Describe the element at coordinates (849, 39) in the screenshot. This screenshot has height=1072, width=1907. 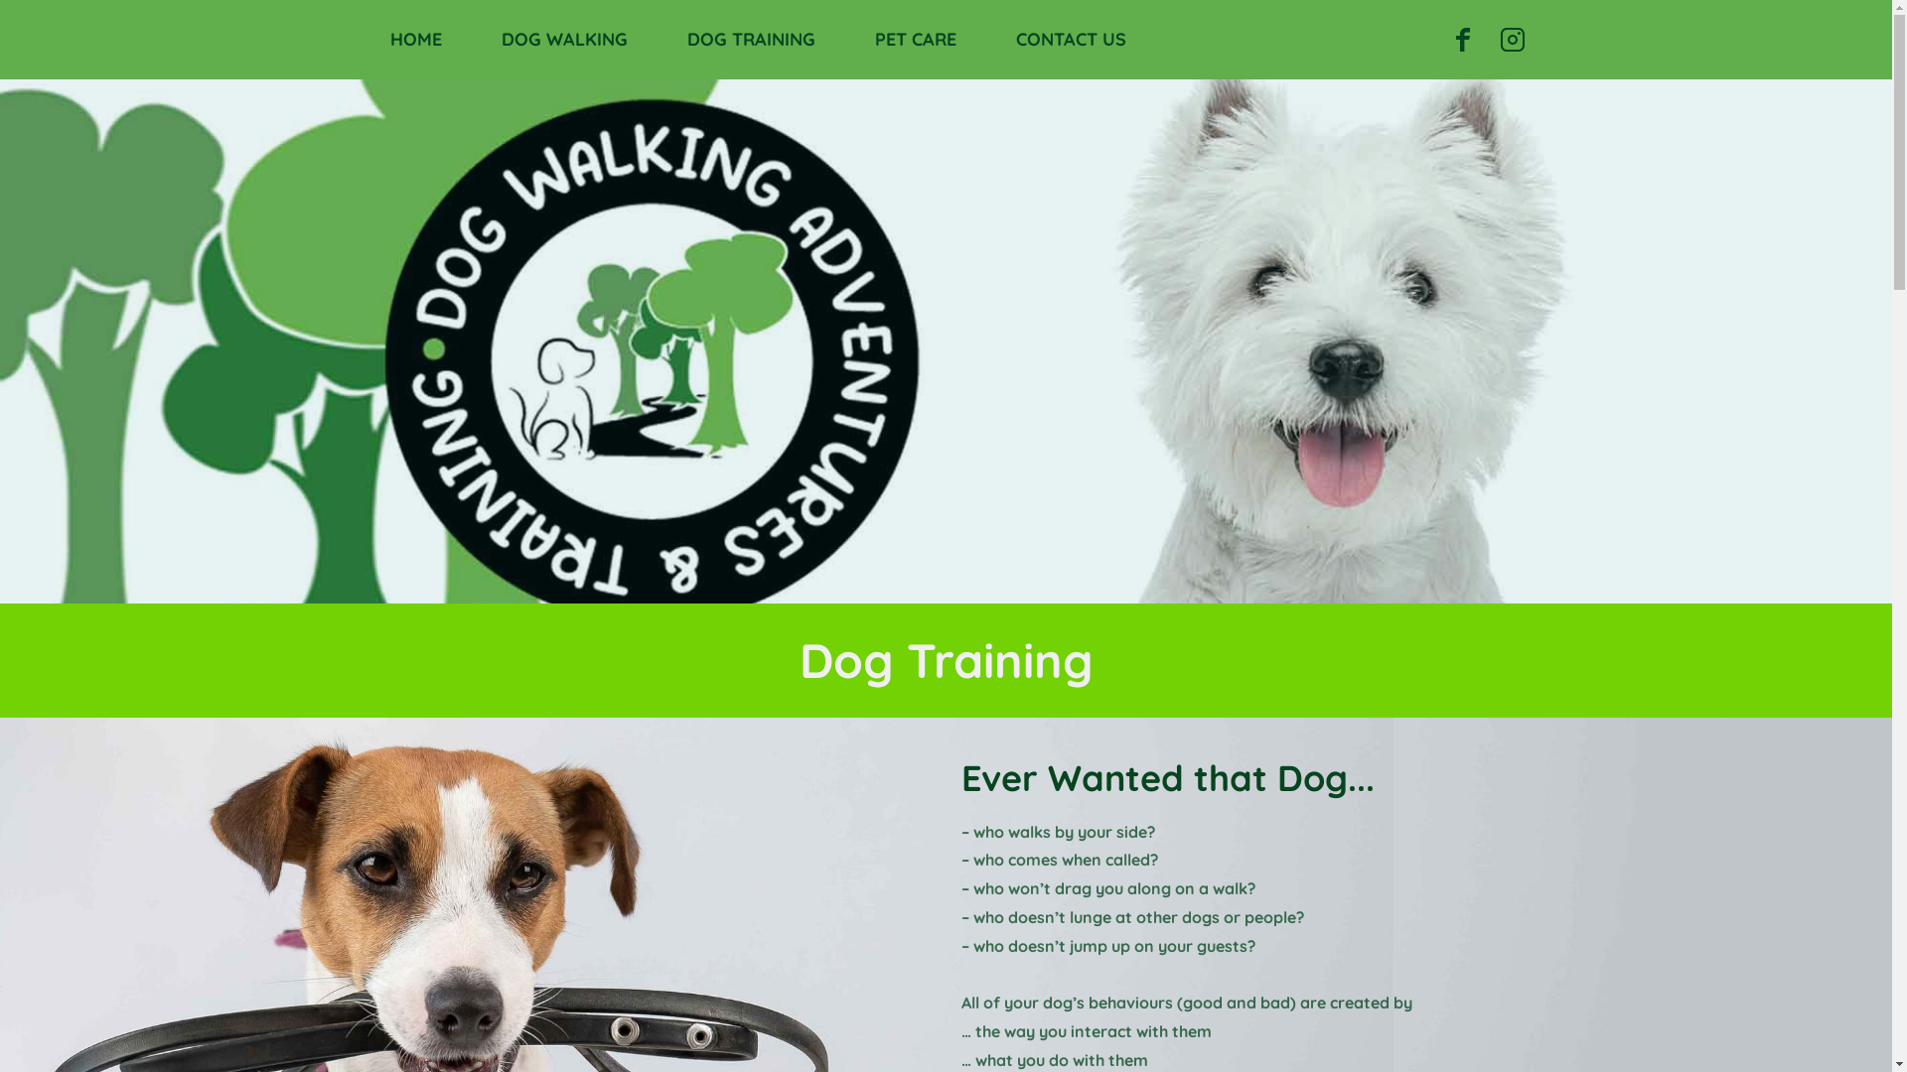
I see `'PET CARE'` at that location.